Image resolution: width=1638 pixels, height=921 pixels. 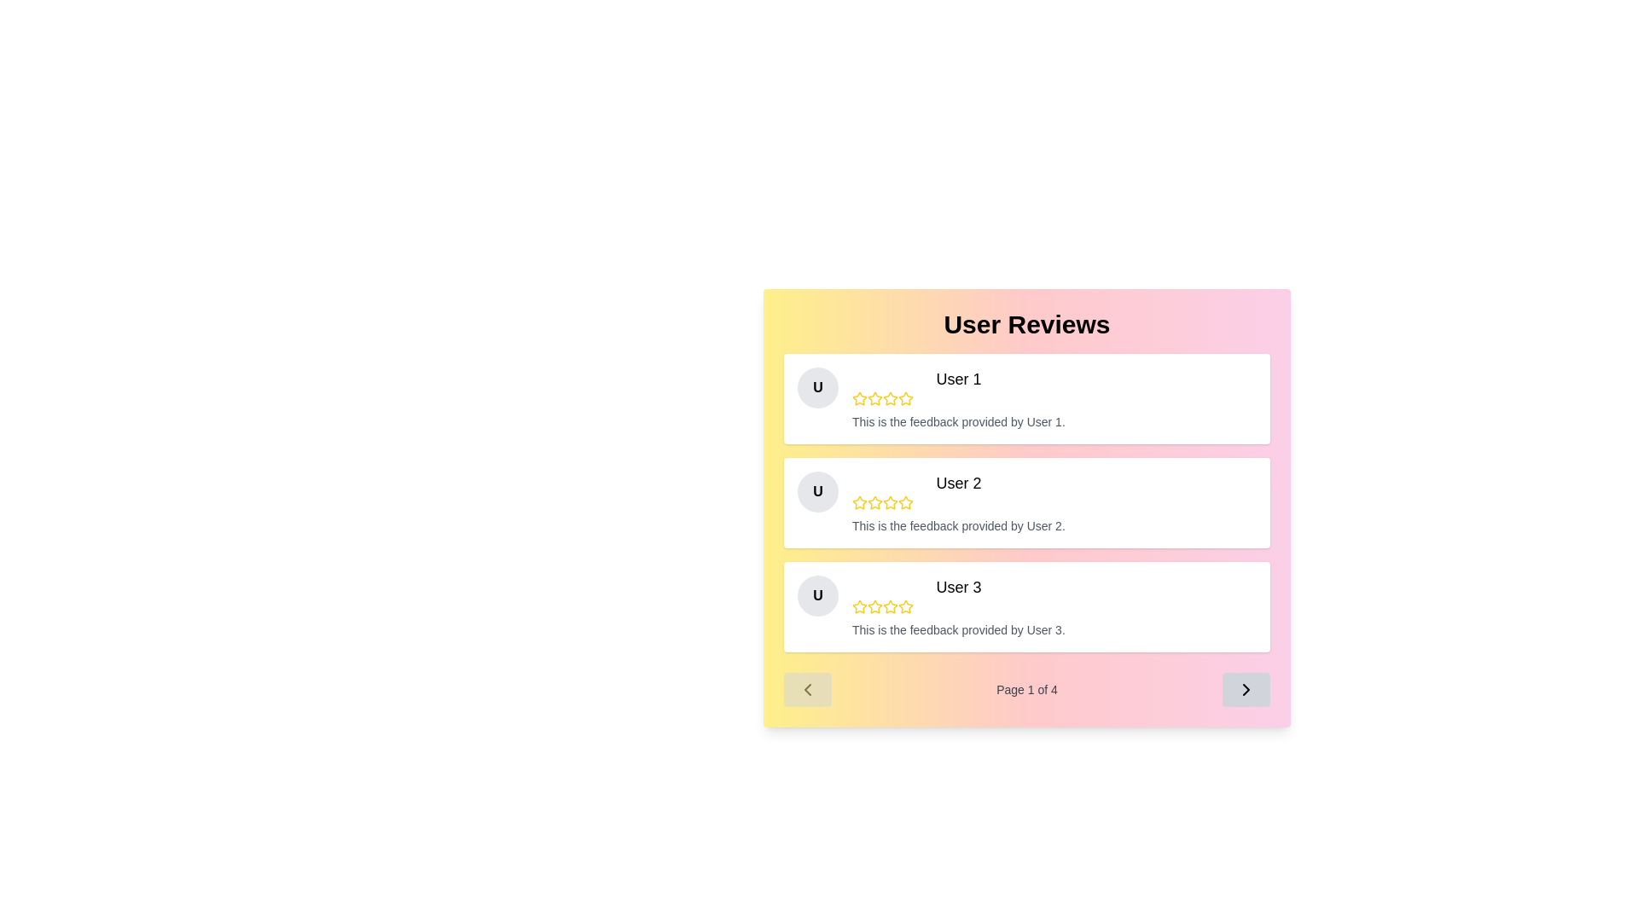 I want to click on the text label that reads 'This is the feedback provided by User 3.' located below the username 'User 3' and the rating stars in the feedback section of the third user card, so click(x=958, y=630).